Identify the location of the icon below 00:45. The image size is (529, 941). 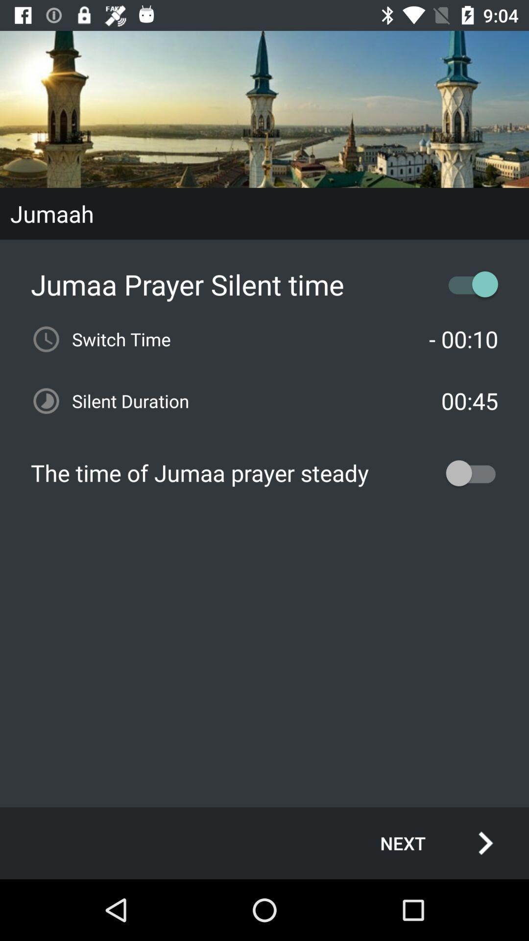
(264, 473).